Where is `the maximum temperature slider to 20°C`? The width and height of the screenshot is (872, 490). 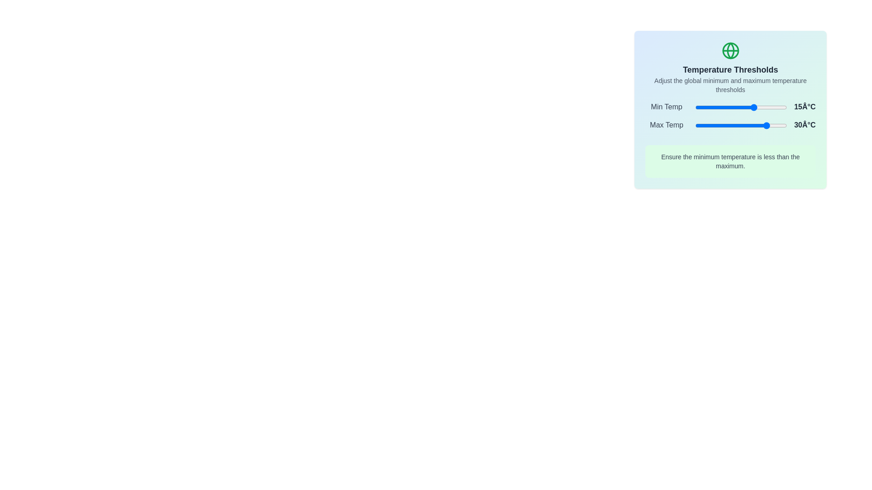 the maximum temperature slider to 20°C is located at coordinates (759, 126).